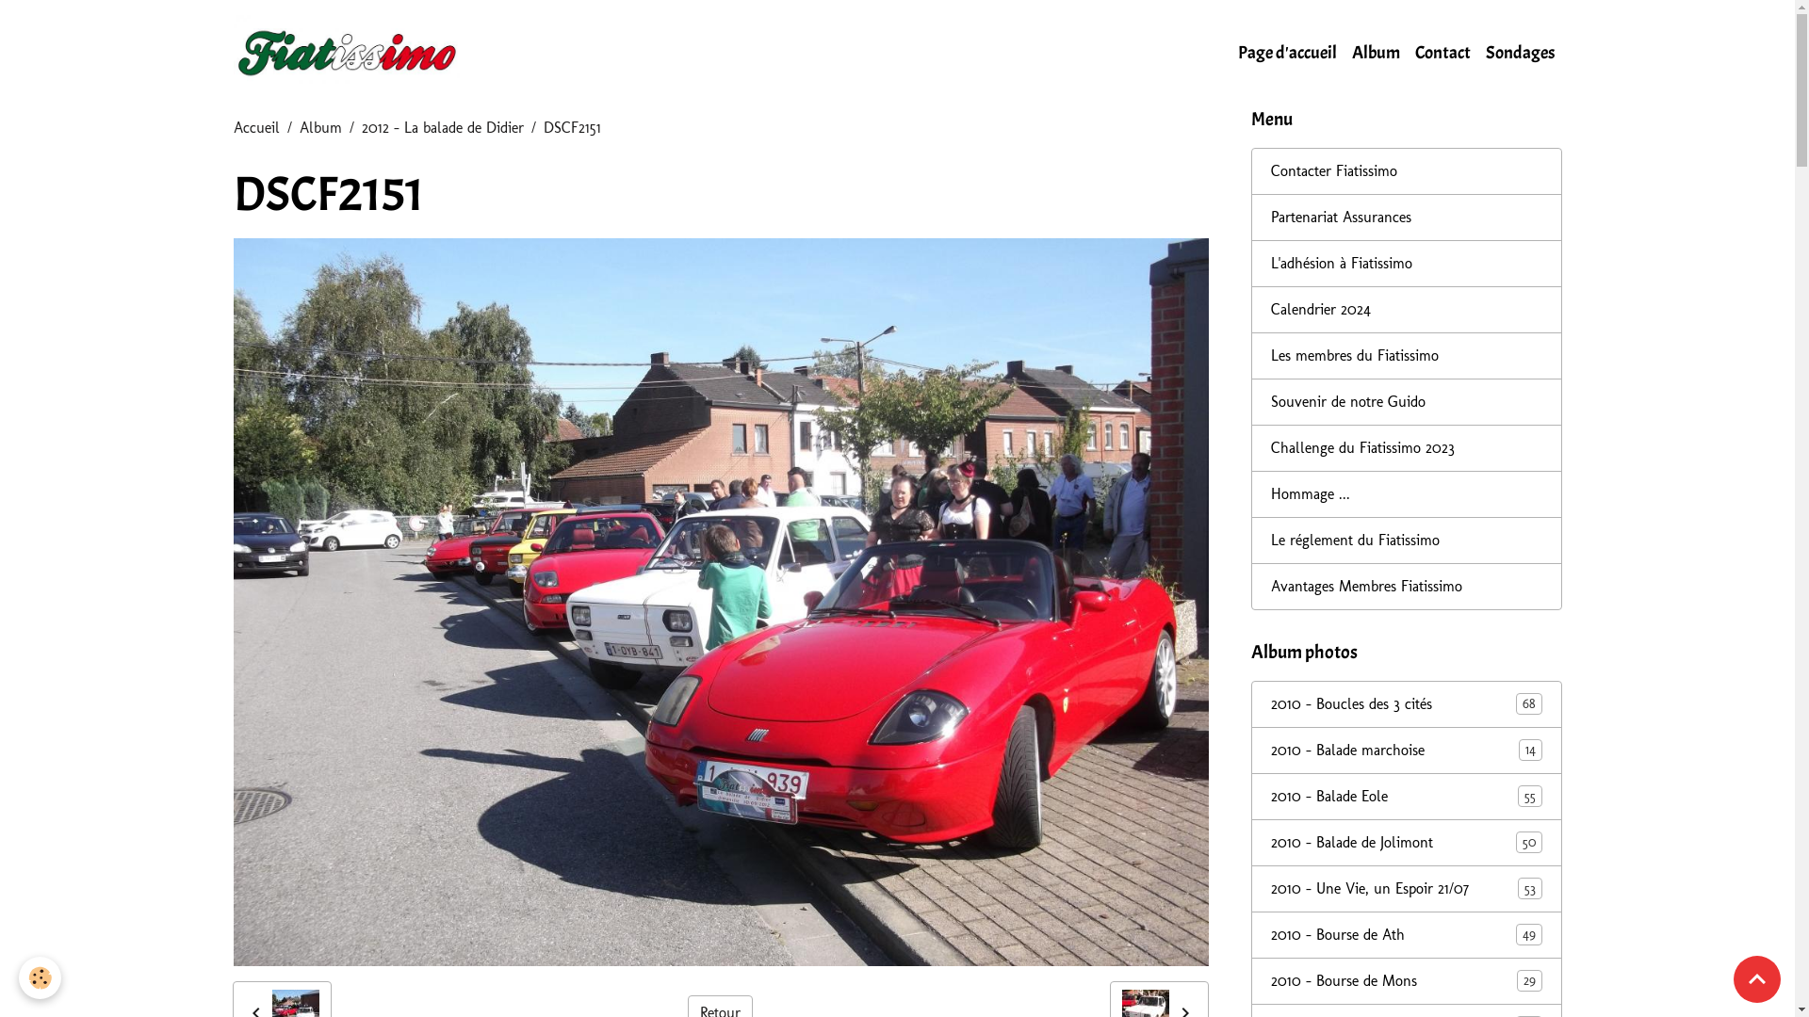 The height and width of the screenshot is (1017, 1809). I want to click on '2010 - Balade marchoise, so click(1406, 750).